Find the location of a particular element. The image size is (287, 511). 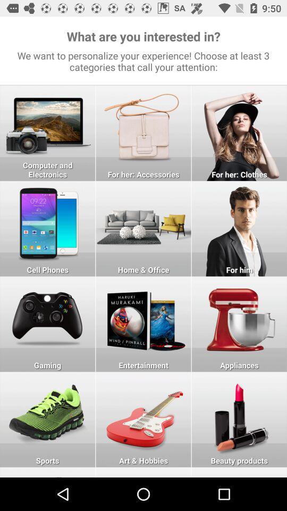

appliances is located at coordinates (239, 324).